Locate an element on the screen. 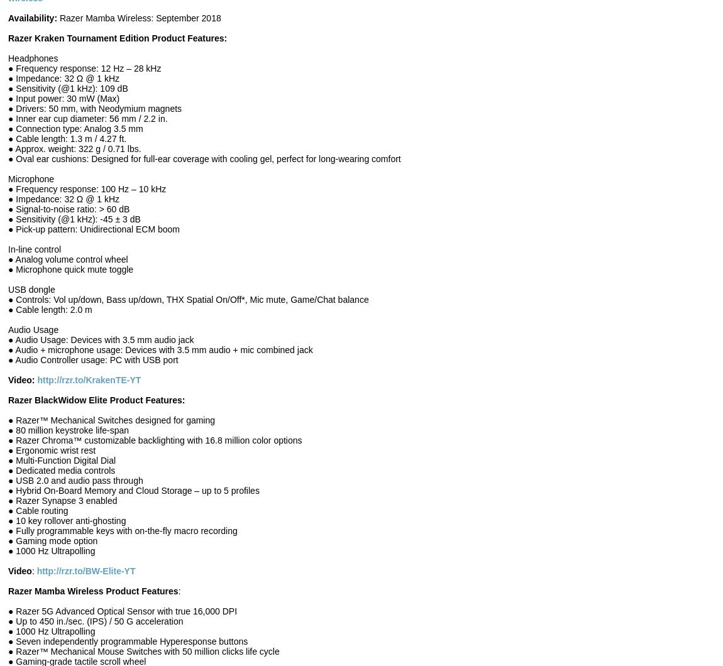 The height and width of the screenshot is (666, 723). '● Cable length: 1.3 m / 4.27 ft.' is located at coordinates (7, 138).